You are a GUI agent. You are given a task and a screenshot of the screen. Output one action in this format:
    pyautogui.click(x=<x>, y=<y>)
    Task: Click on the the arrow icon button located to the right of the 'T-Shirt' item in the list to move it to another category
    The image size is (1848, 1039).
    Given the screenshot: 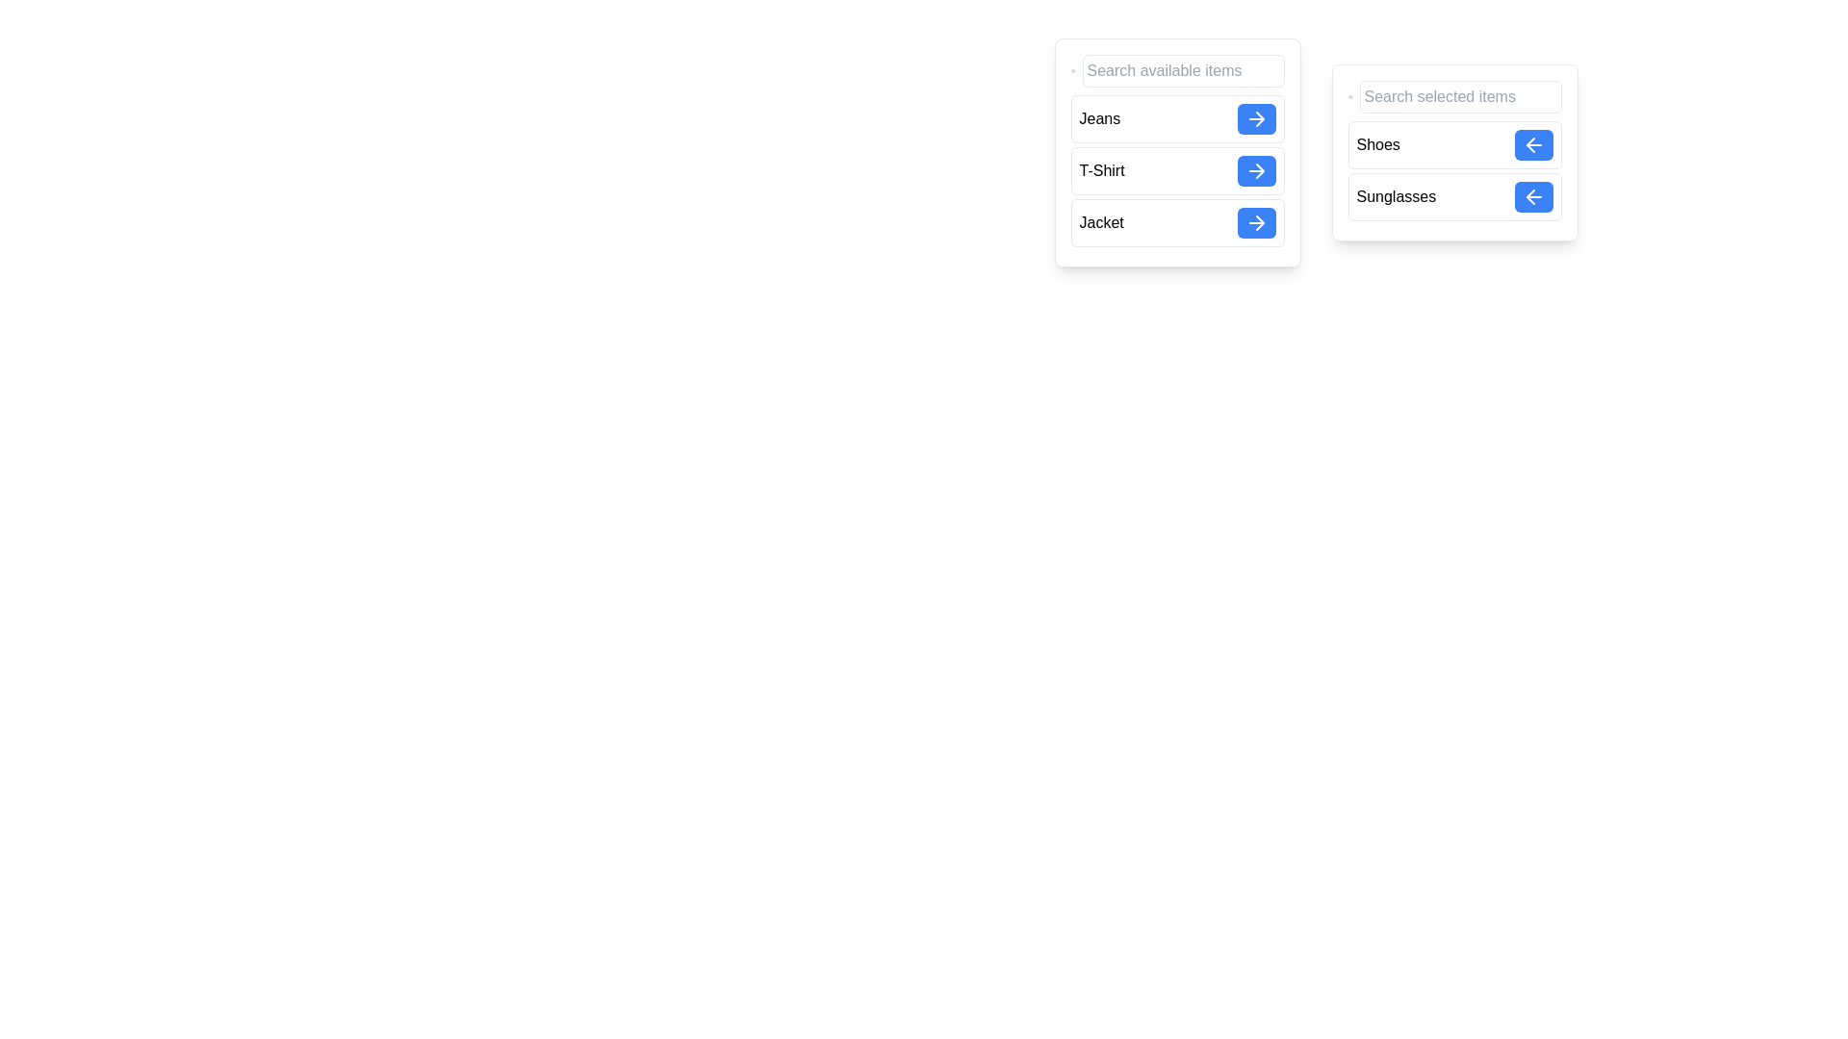 What is the action you would take?
    pyautogui.click(x=1256, y=169)
    